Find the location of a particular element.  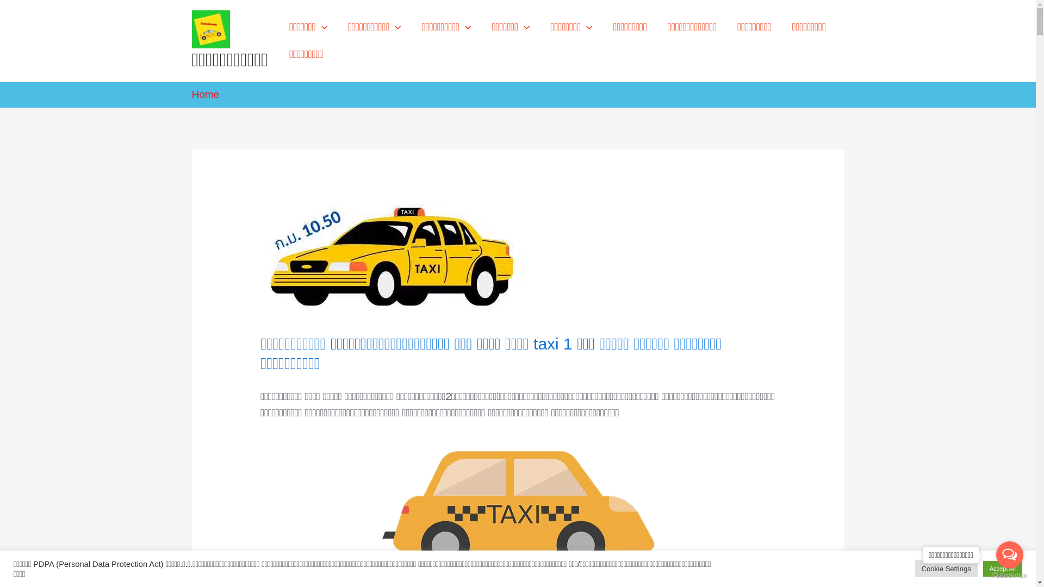

'Cookie Settings' is located at coordinates (946, 568).